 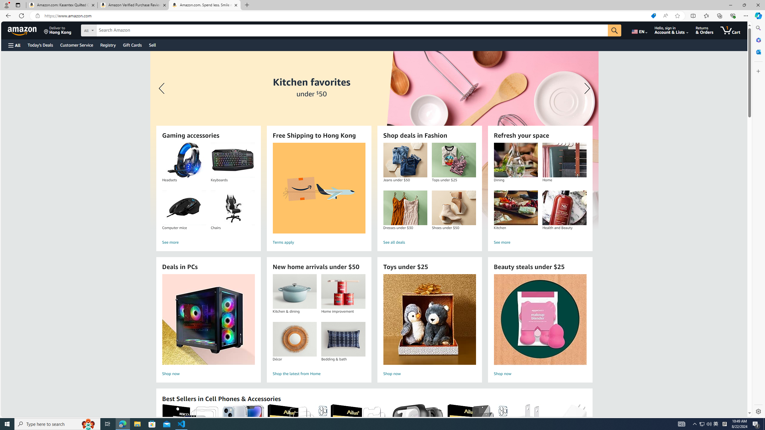 I want to click on 'Amazon', so click(x=23, y=30).